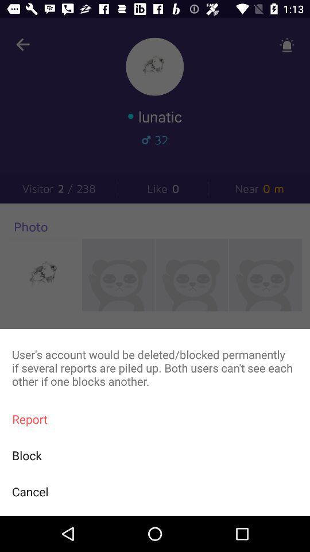  Describe the element at coordinates (155, 455) in the screenshot. I see `icon below the report item` at that location.